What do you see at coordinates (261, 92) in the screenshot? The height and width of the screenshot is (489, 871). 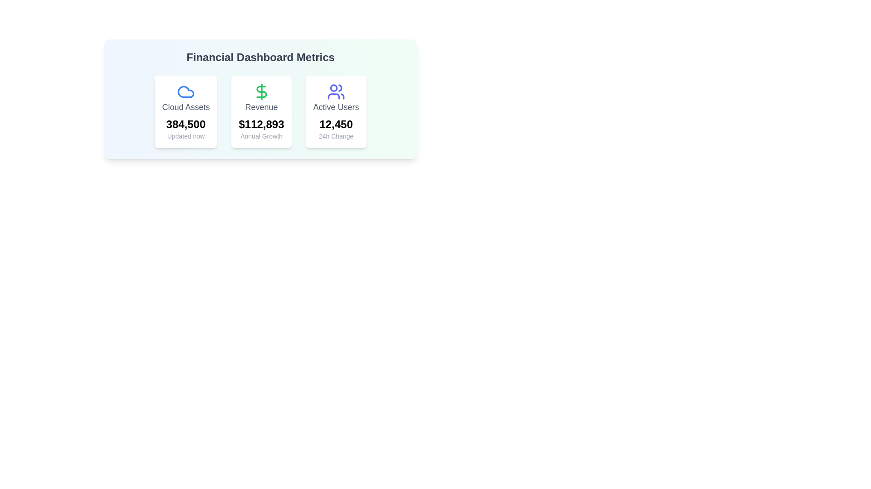 I see `the revenue icon located at the top section of the 'Revenue' card, which is horizontally centered above the text '$112,893' and 'Annual Growth'` at bounding box center [261, 92].